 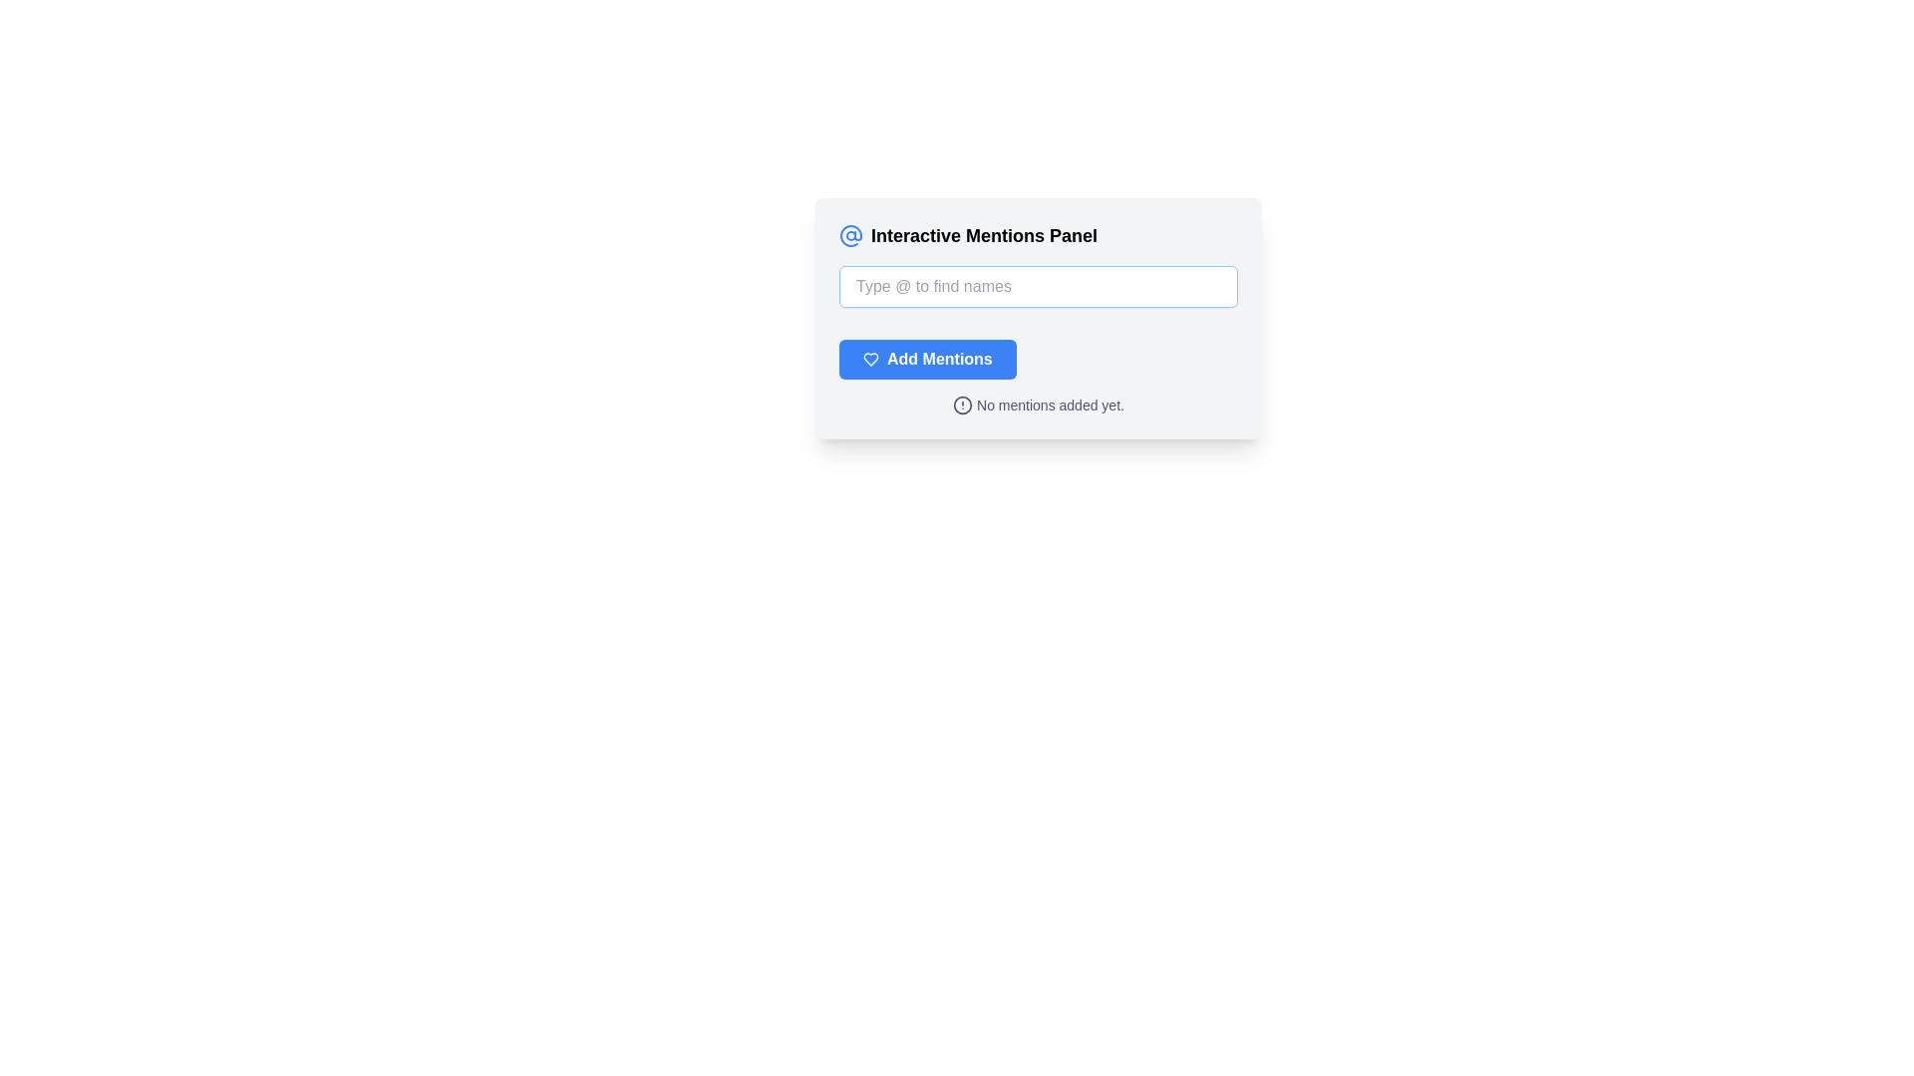 What do you see at coordinates (851, 234) in the screenshot?
I see `the blue circular '@' icon with an 'a' in the center, located in the top left corner of the 'Interactive Mentions Panel' as a visual cue` at bounding box center [851, 234].